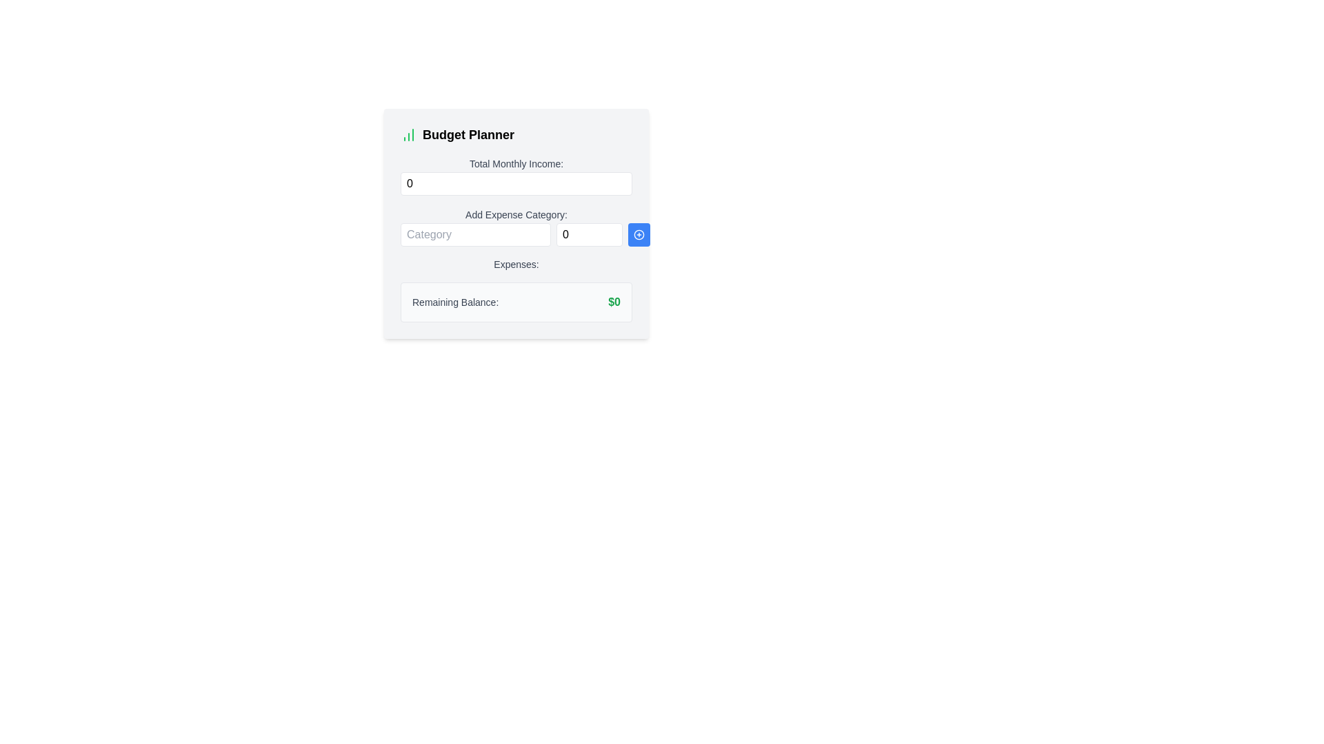 The width and height of the screenshot is (1324, 744). What do you see at coordinates (515, 163) in the screenshot?
I see `the label indicating 'Total Monthly Income:' which is positioned centrally above the numeric input field for entering monthly income` at bounding box center [515, 163].